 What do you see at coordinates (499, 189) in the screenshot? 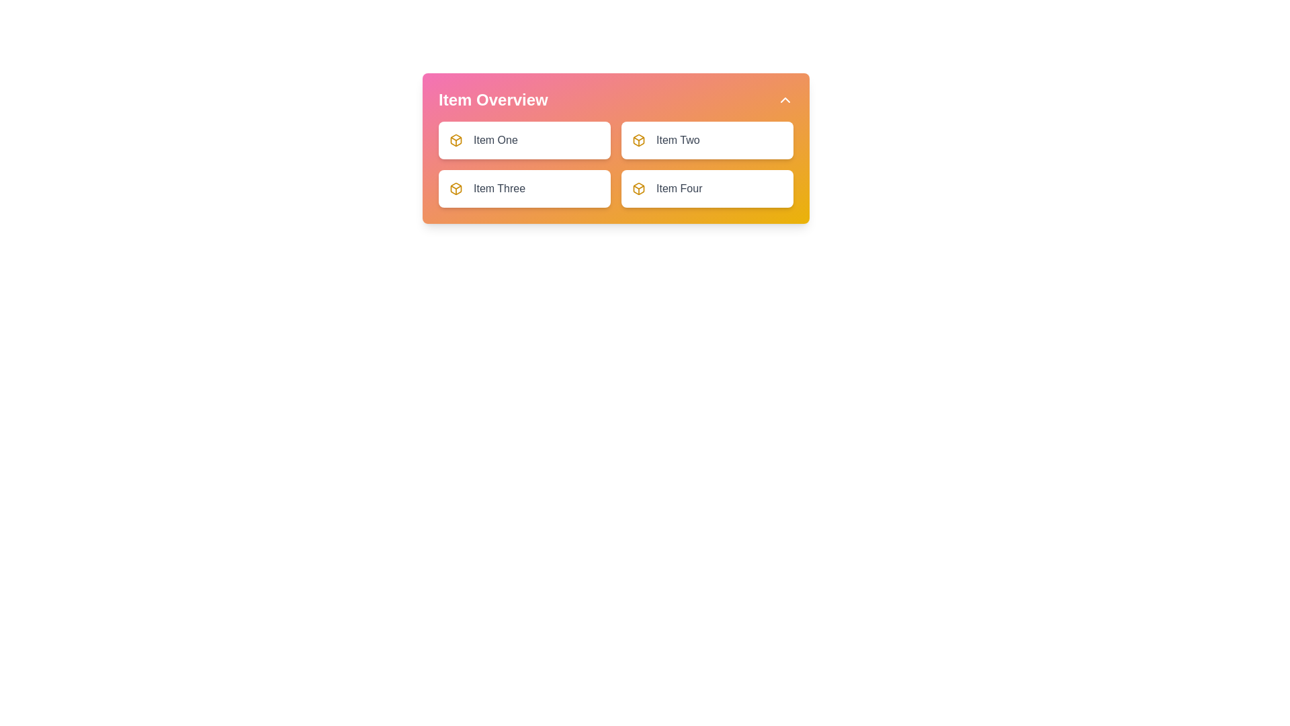
I see `the Text label element displaying 'Item Three' in a medium gray font, located in the lower-left section of the 'Item Overview' grid` at bounding box center [499, 189].